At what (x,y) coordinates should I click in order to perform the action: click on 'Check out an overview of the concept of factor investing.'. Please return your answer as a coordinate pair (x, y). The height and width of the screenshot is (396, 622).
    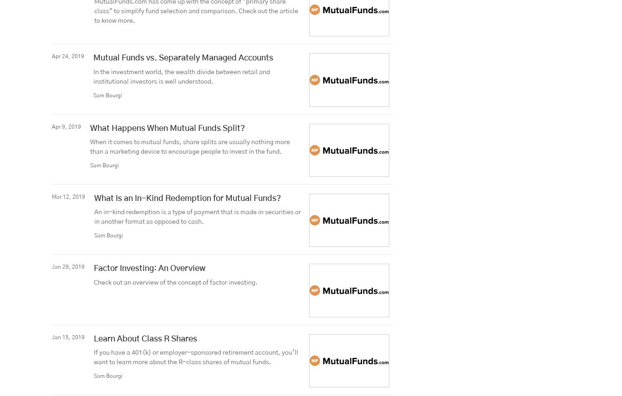
    Looking at the image, I should click on (175, 282).